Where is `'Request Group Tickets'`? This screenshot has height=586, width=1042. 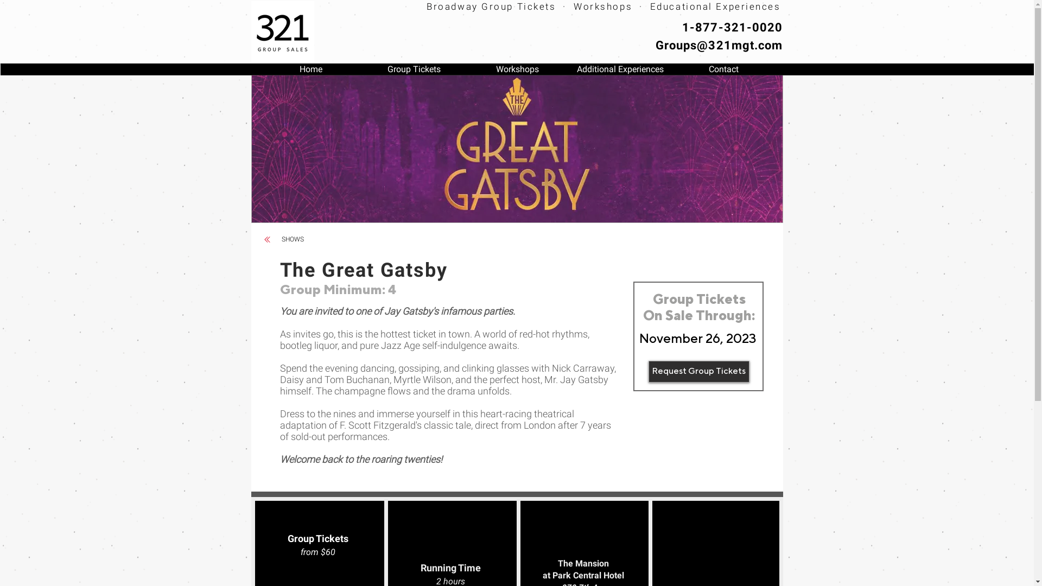 'Request Group Tickets' is located at coordinates (698, 371).